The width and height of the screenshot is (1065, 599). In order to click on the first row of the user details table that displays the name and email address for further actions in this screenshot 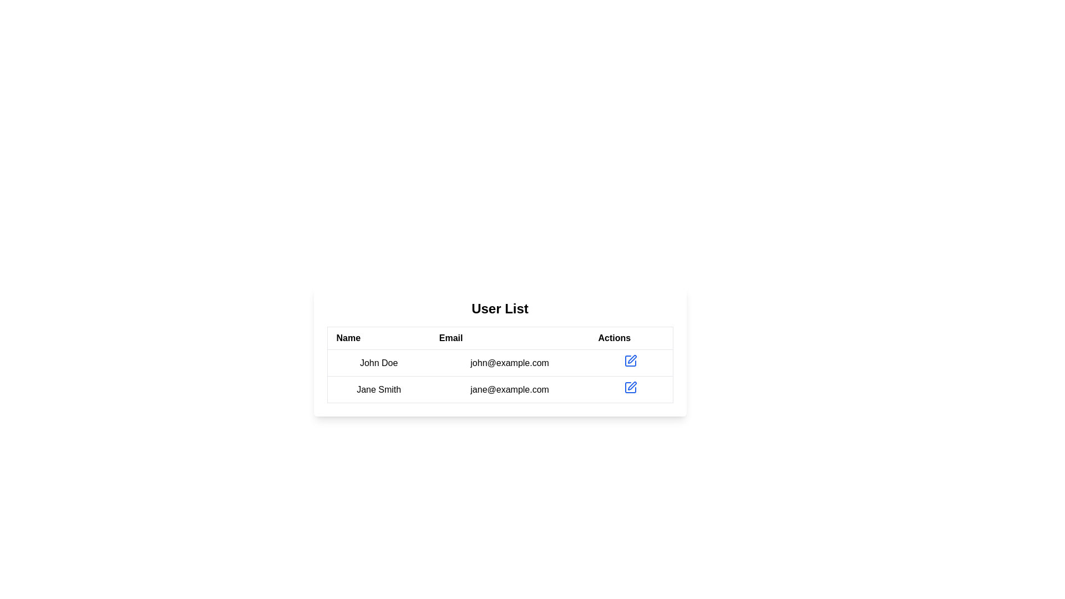, I will do `click(499, 363)`.